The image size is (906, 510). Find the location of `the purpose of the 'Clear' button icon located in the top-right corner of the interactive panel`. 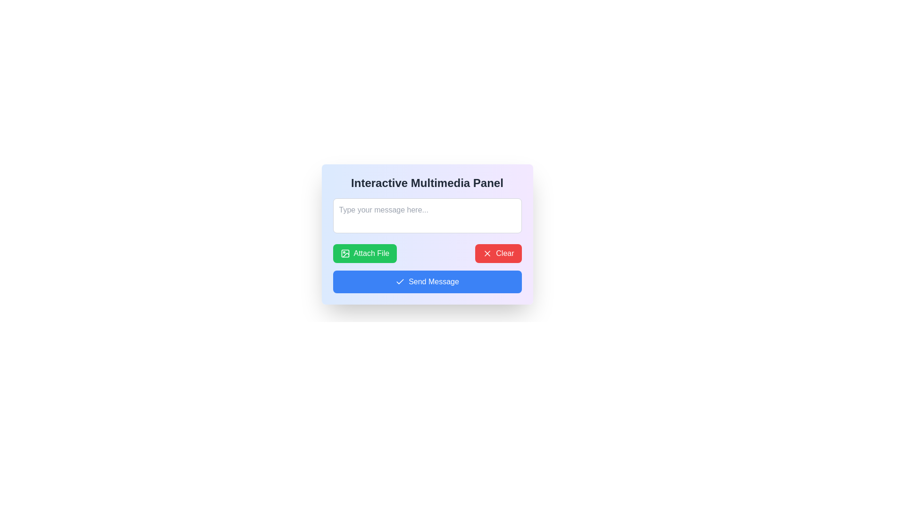

the purpose of the 'Clear' button icon located in the top-right corner of the interactive panel is located at coordinates (487, 253).